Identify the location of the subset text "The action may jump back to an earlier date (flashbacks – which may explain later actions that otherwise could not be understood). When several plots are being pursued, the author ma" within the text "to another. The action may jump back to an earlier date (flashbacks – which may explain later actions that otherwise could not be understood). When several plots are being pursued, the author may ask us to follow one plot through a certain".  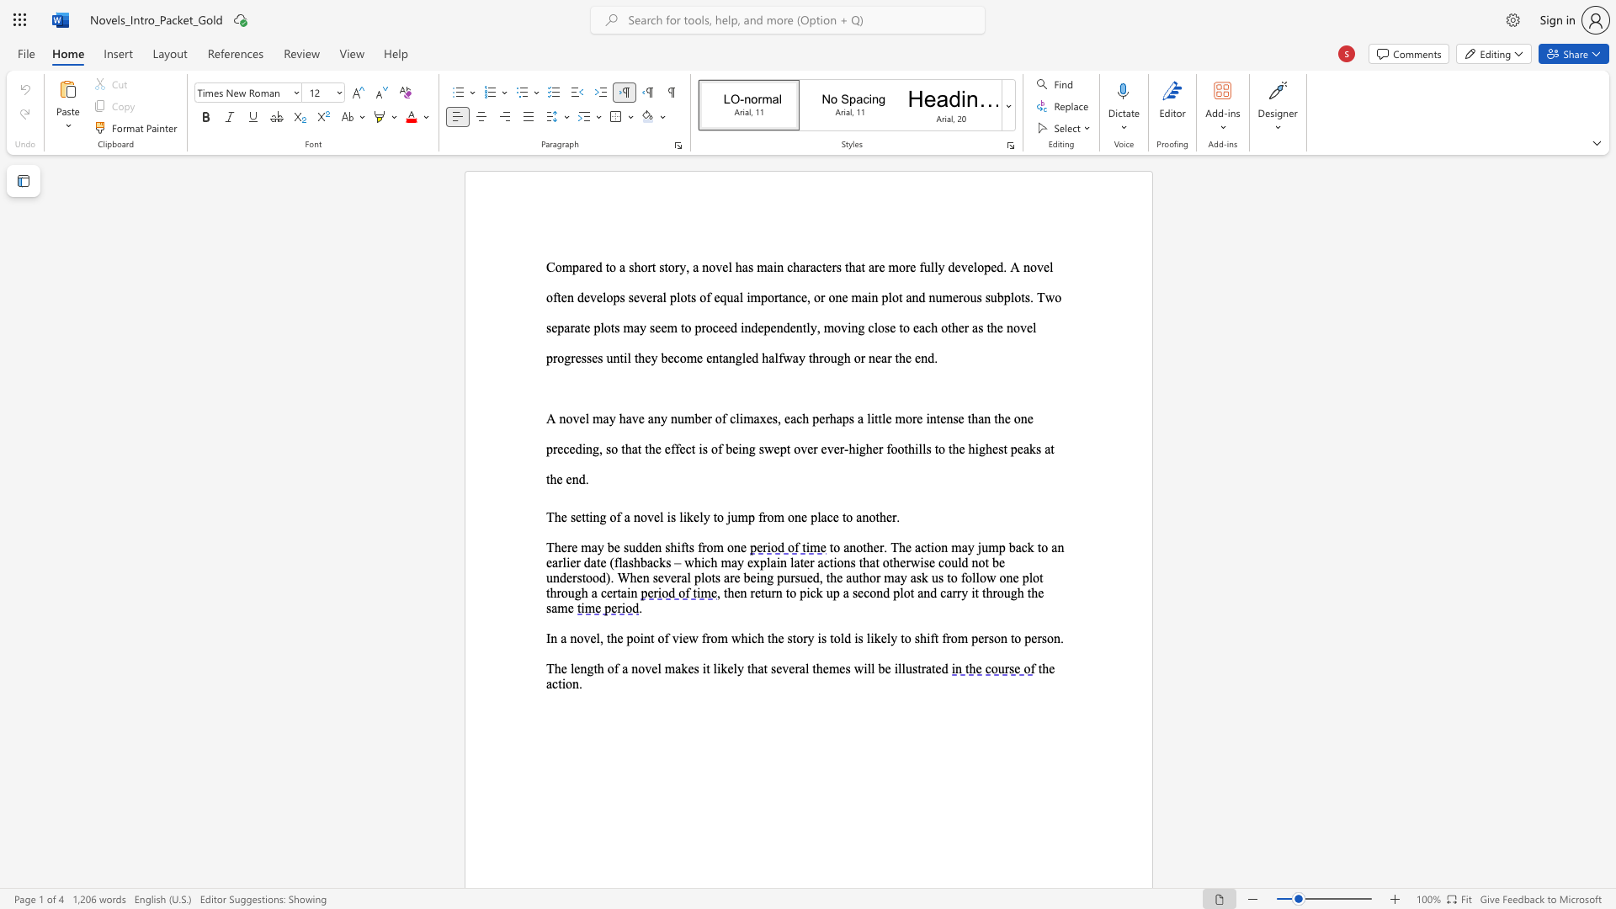
(890, 547).